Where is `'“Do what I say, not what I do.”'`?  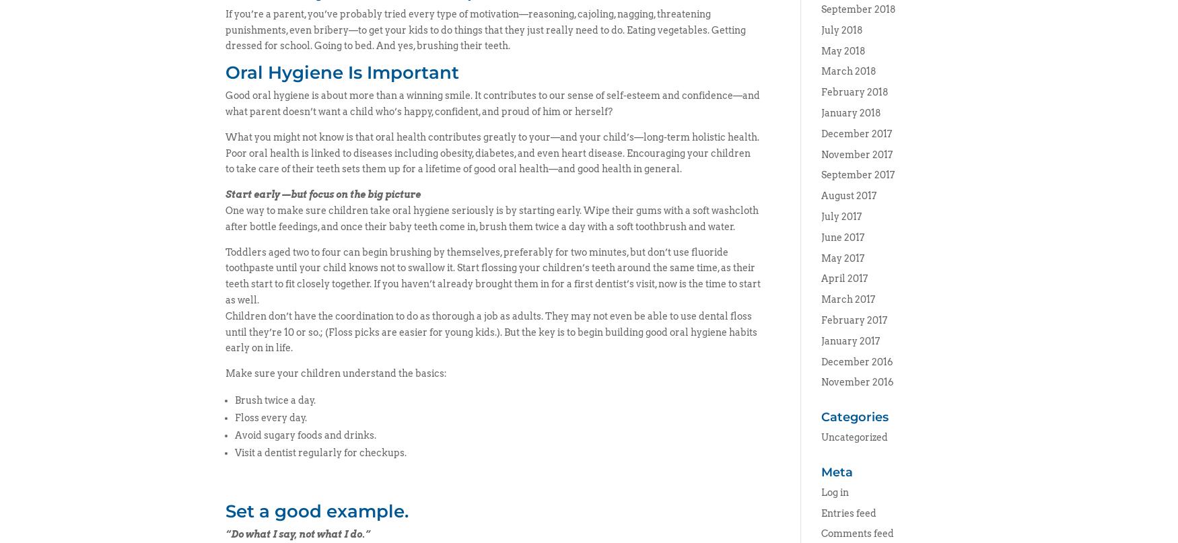
'“Do what I say, not what I do.”' is located at coordinates (298, 533).